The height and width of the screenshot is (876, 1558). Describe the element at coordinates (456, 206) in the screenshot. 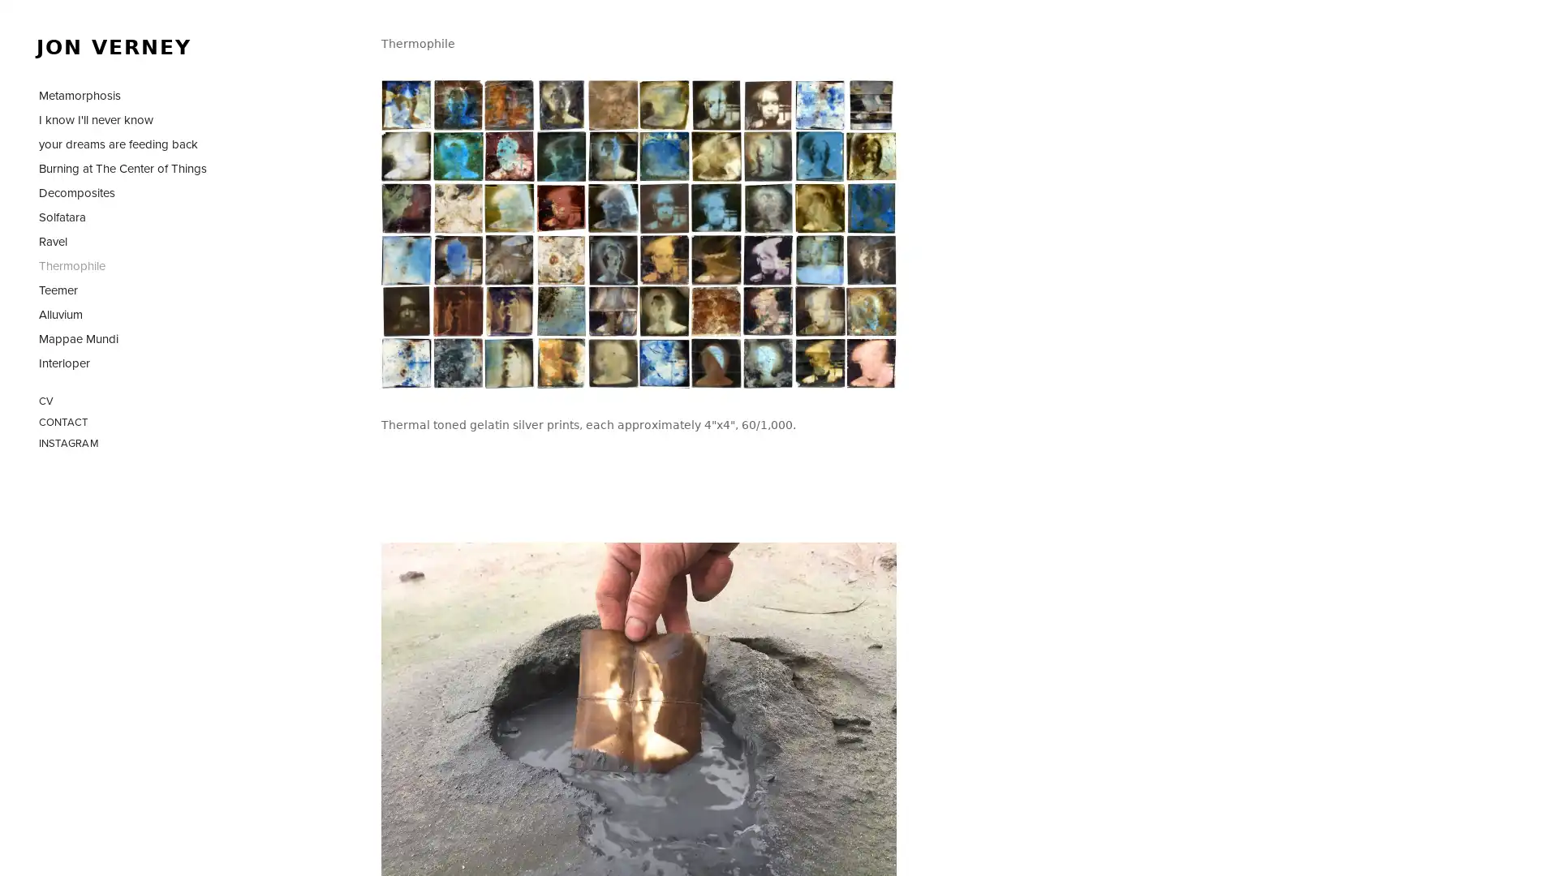

I see `View fullsize jon_verney_thermophile_51.jpg` at that location.